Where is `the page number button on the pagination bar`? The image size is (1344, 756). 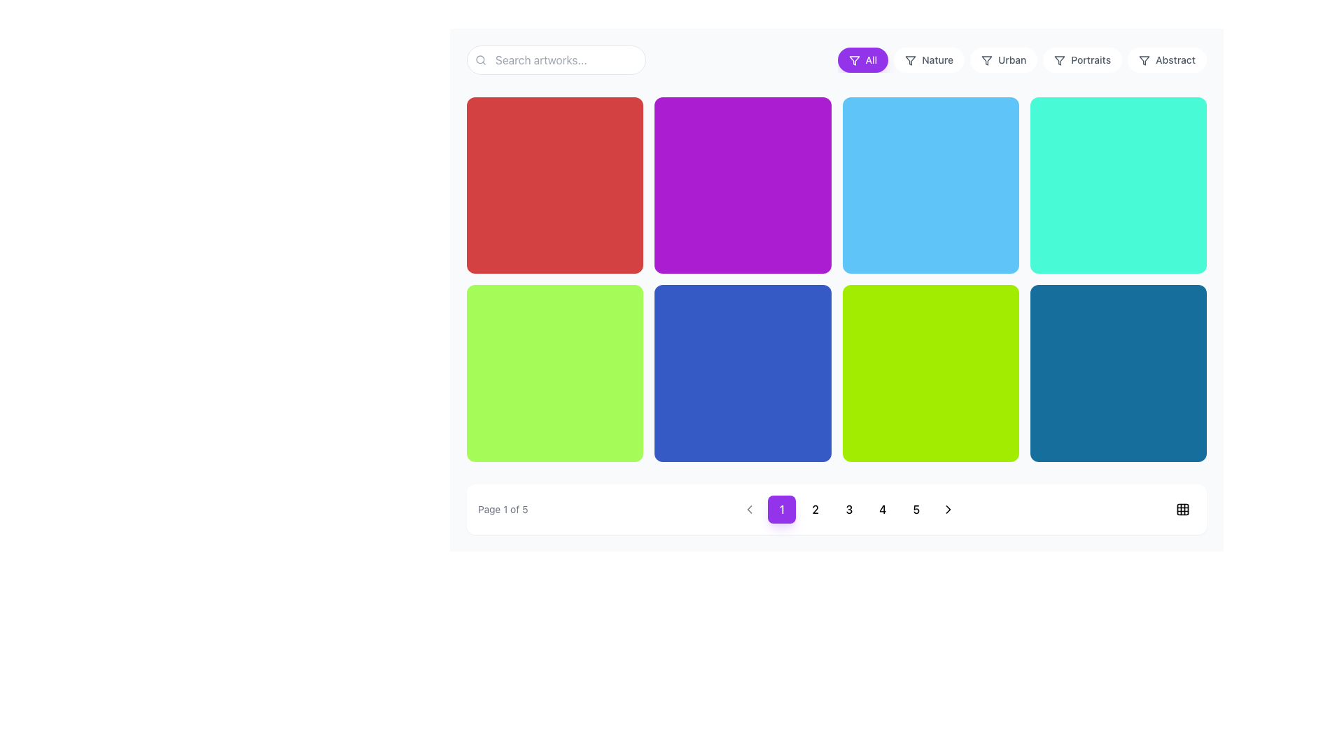 the page number button on the pagination bar is located at coordinates (836, 509).